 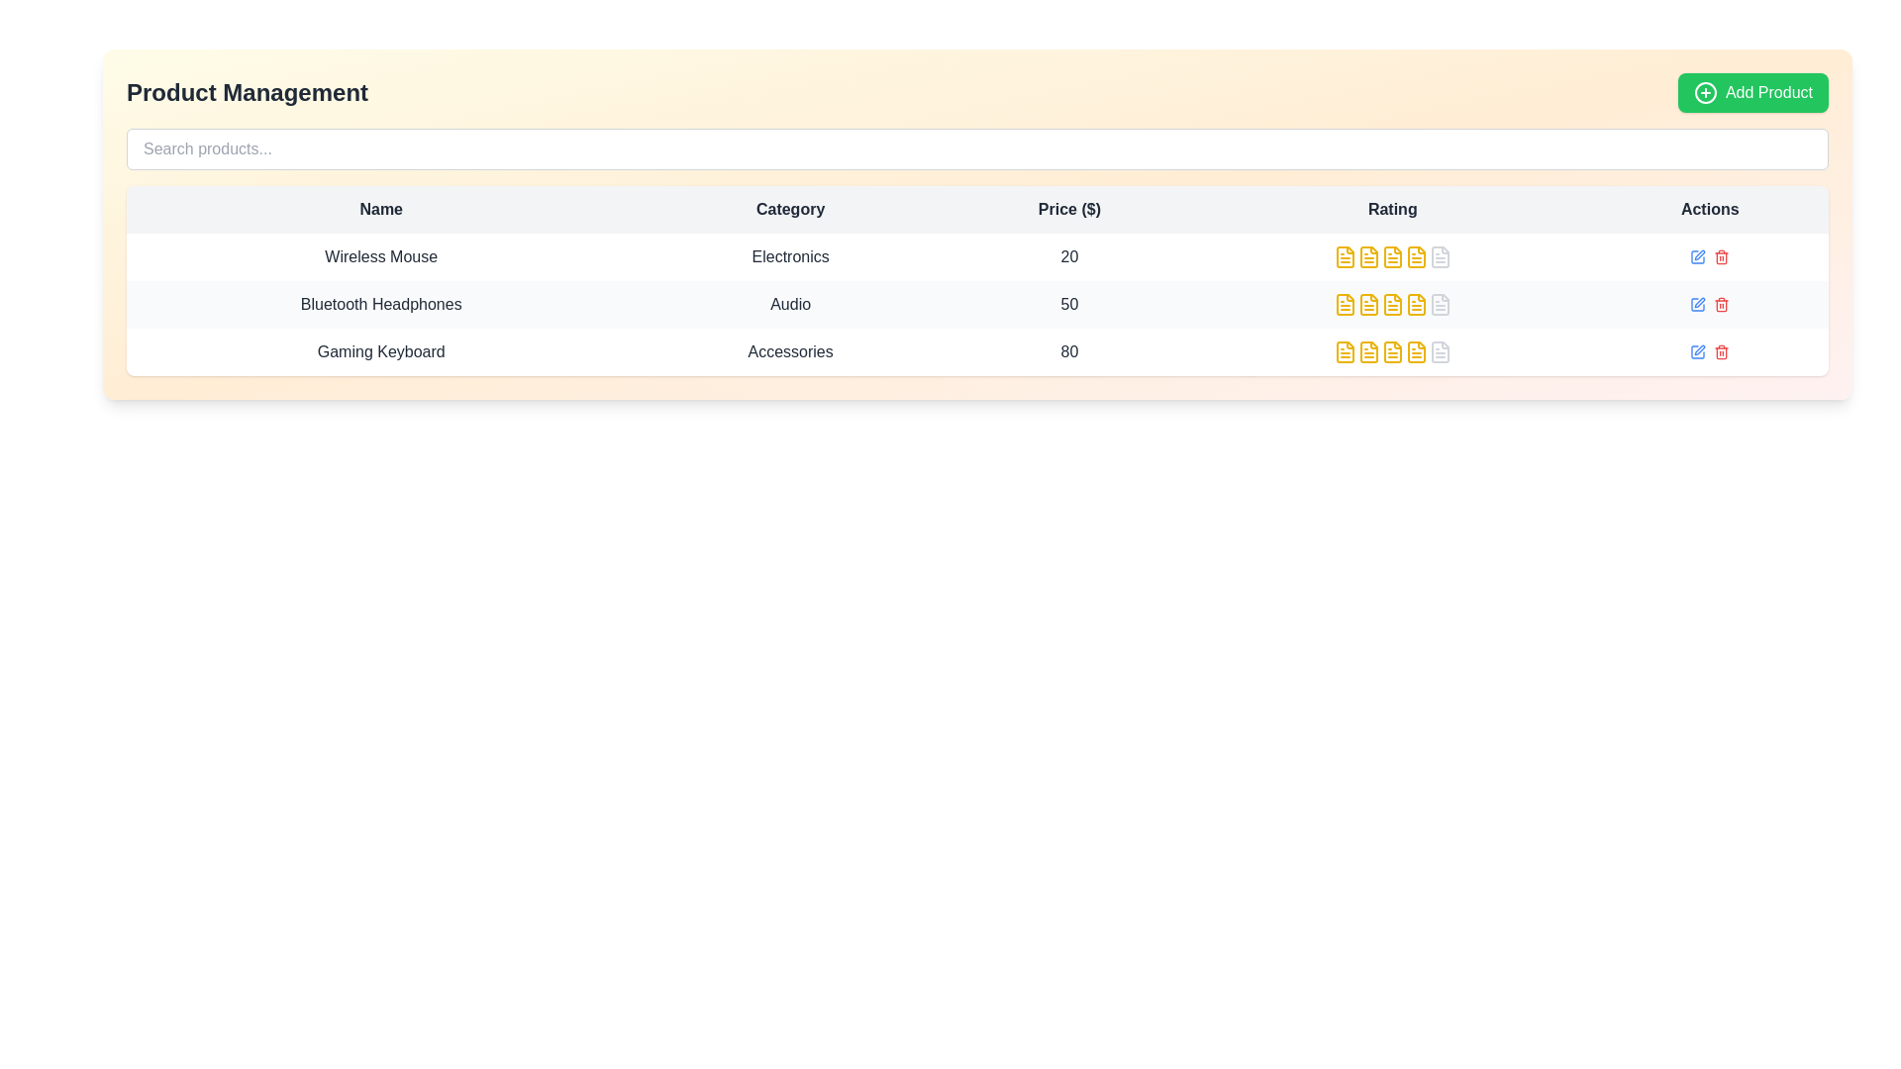 I want to click on the first icon in the third row of the rating system to set the rating value, so click(x=1345, y=350).